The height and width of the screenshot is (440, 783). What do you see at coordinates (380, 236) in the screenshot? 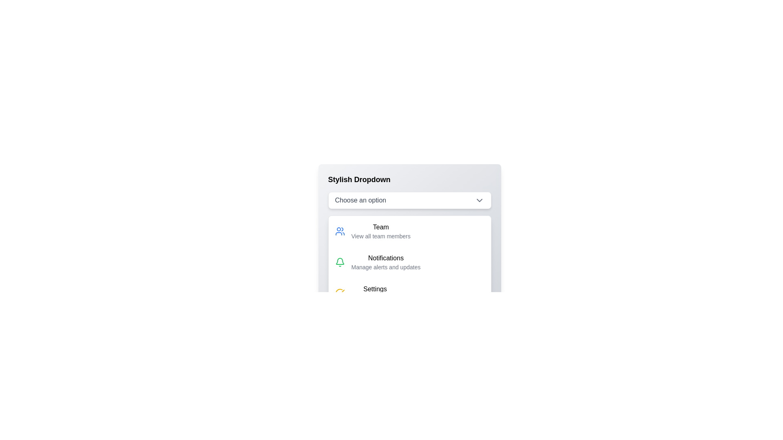
I see `the static text element that reads 'View all team members', which is styled in a smaller gray font and positioned below the bold heading 'Team'` at bounding box center [380, 236].